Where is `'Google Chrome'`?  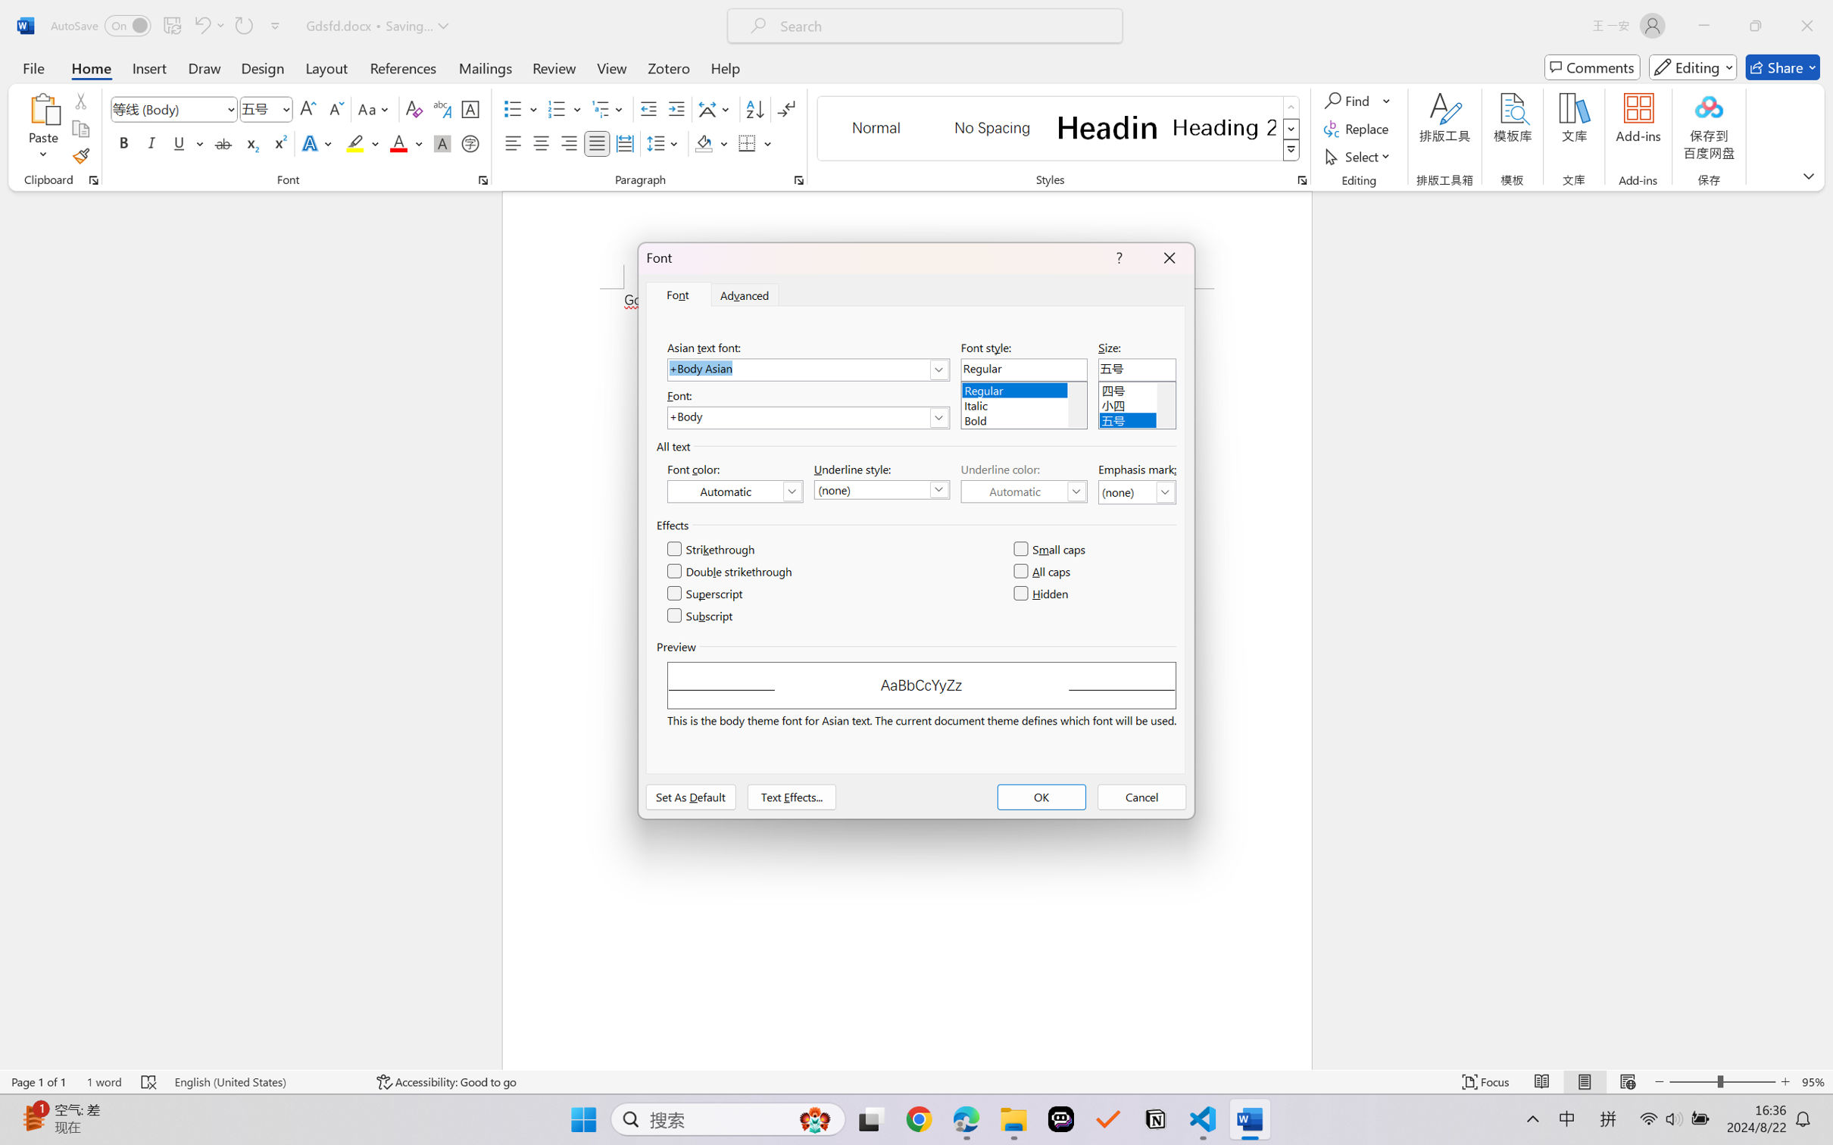 'Google Chrome' is located at coordinates (919, 1119).